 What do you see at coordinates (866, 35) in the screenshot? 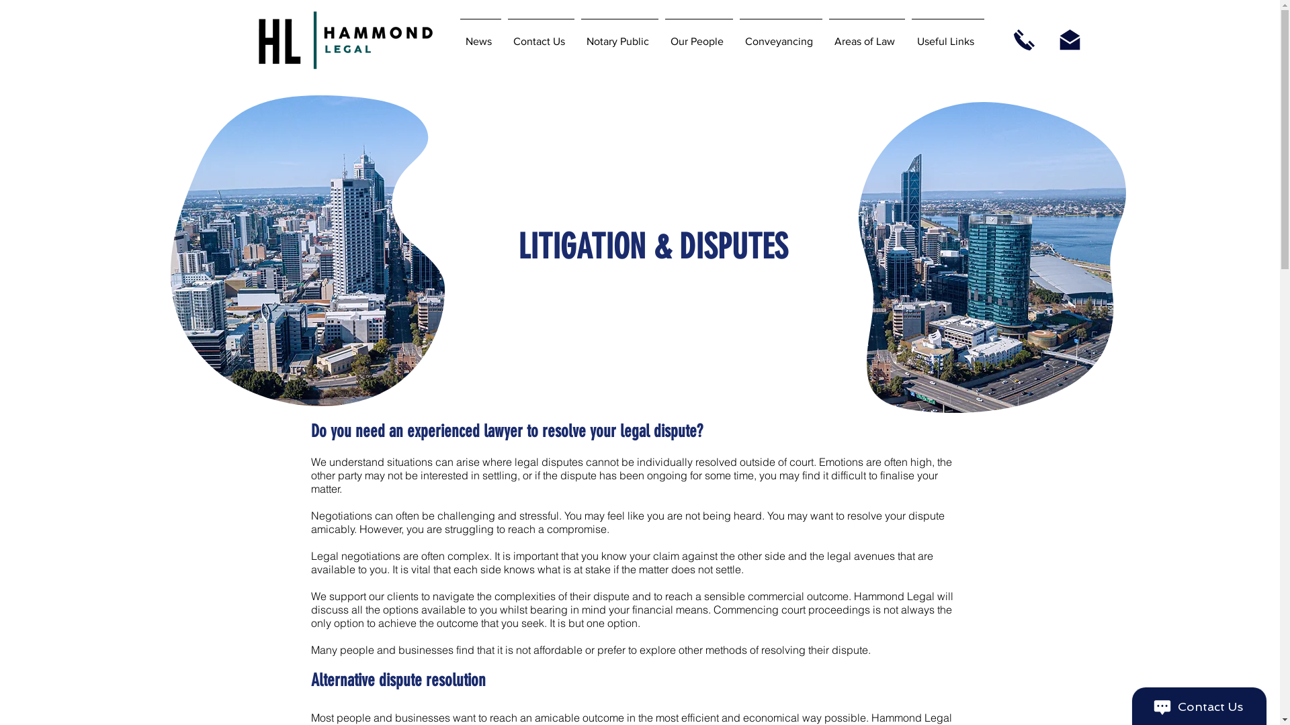
I see `'Areas of Law'` at bounding box center [866, 35].